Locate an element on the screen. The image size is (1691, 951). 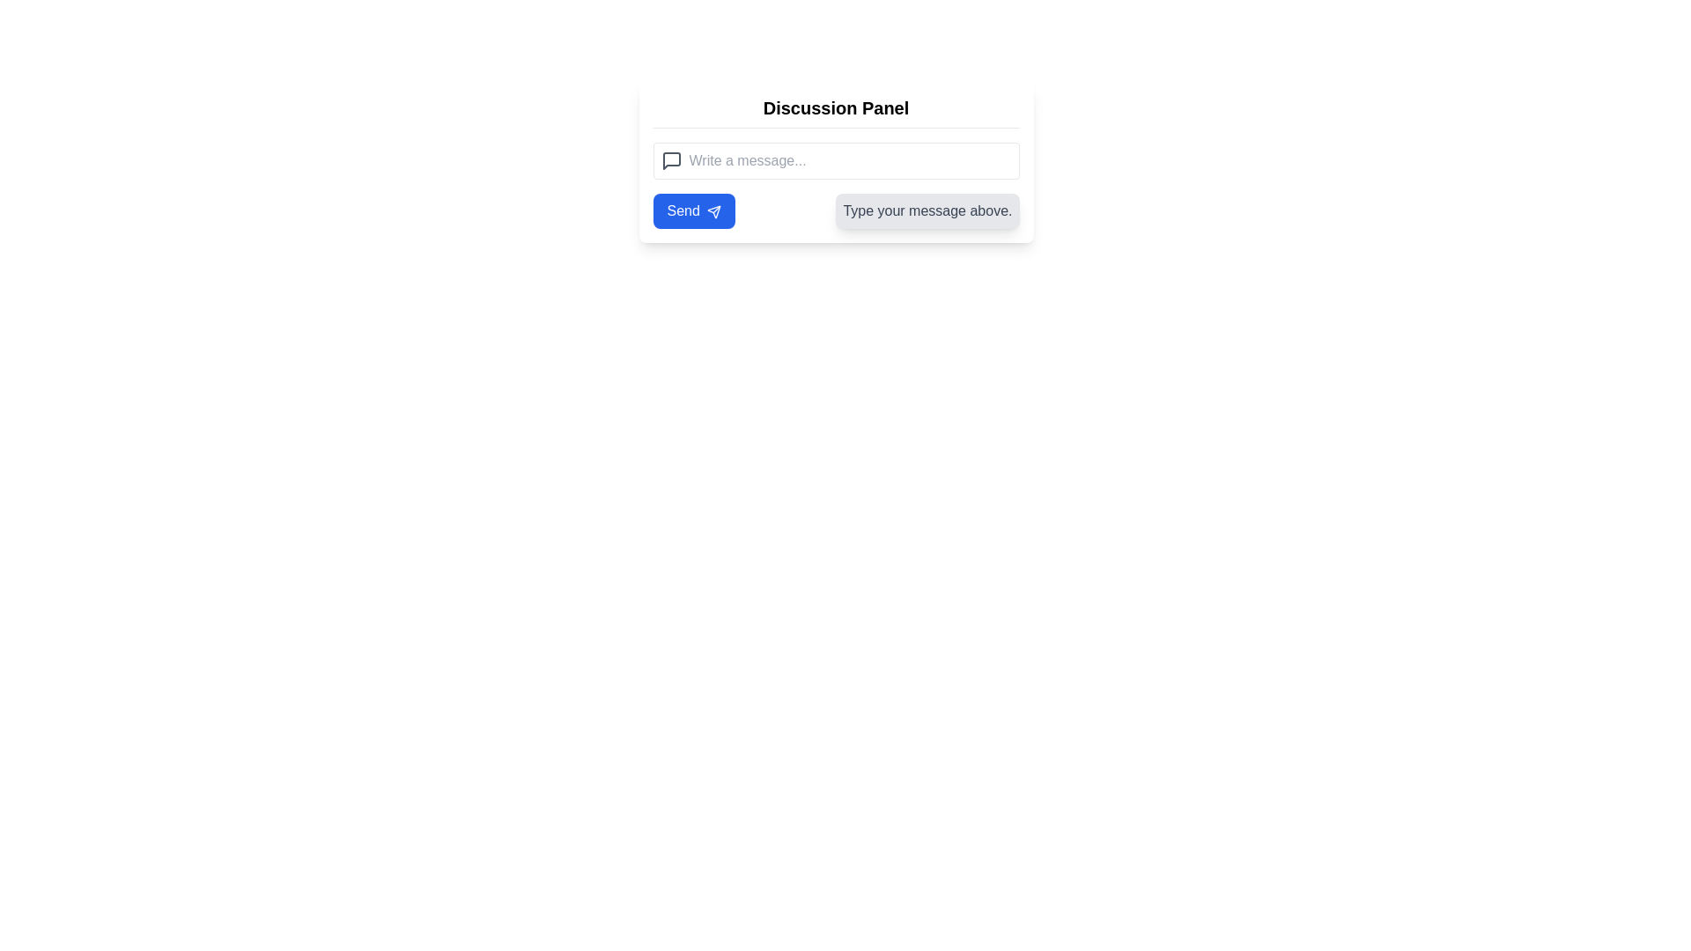
the decorative icon that is part of the 'Send' button located below the input field in the discussion panel, serving as a visual enhancement and styled as an arrow is located at coordinates (714, 210).